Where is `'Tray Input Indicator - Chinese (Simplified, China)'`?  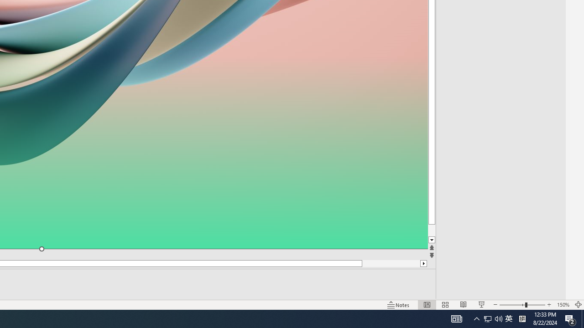 'Tray Input Indicator - Chinese (Simplified, China)' is located at coordinates (508, 318).